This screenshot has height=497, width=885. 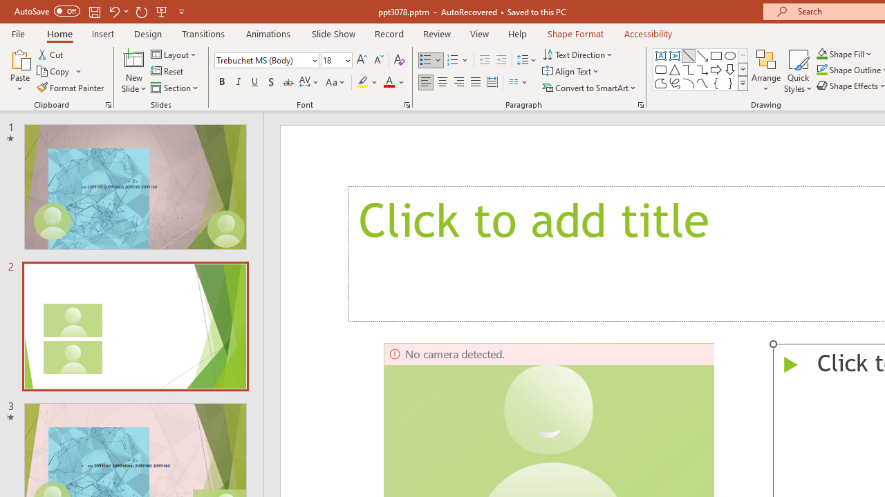 I want to click on 'Freeform: Scribble', so click(x=675, y=83).